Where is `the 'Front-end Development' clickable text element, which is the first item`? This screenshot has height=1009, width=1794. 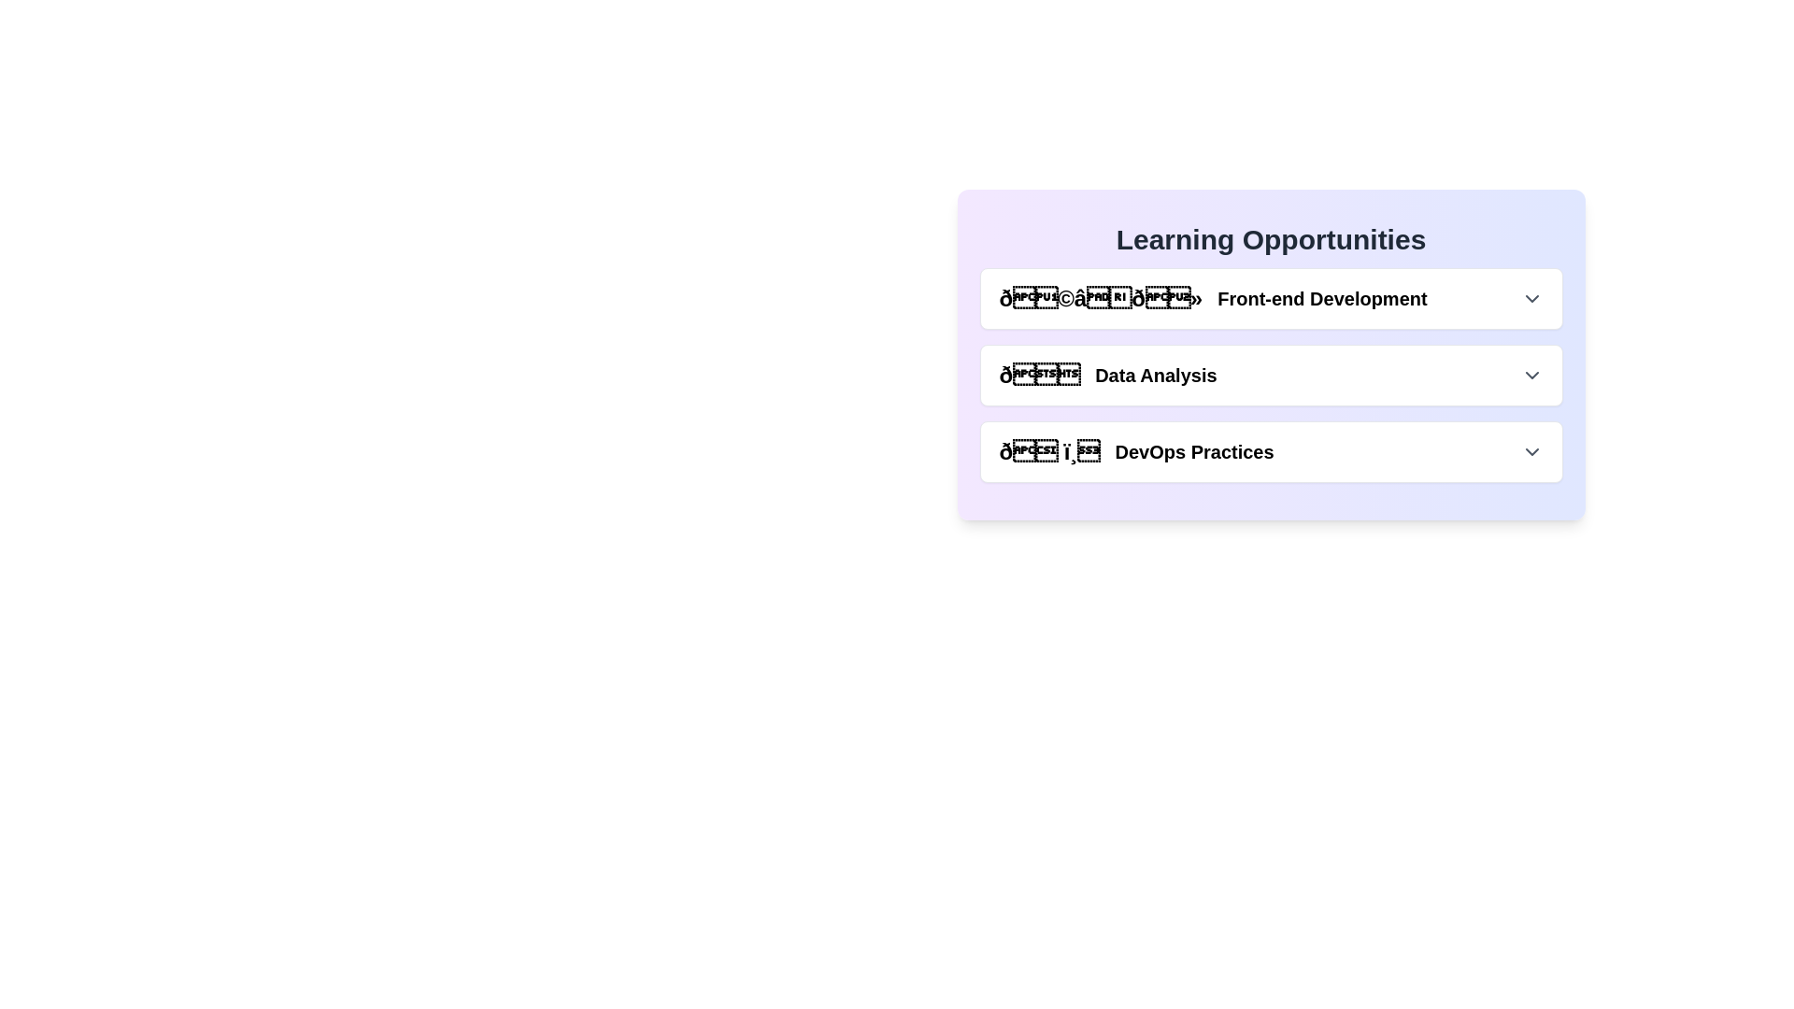
the 'Front-end Development' clickable text element, which is the first item is located at coordinates (1321, 298).